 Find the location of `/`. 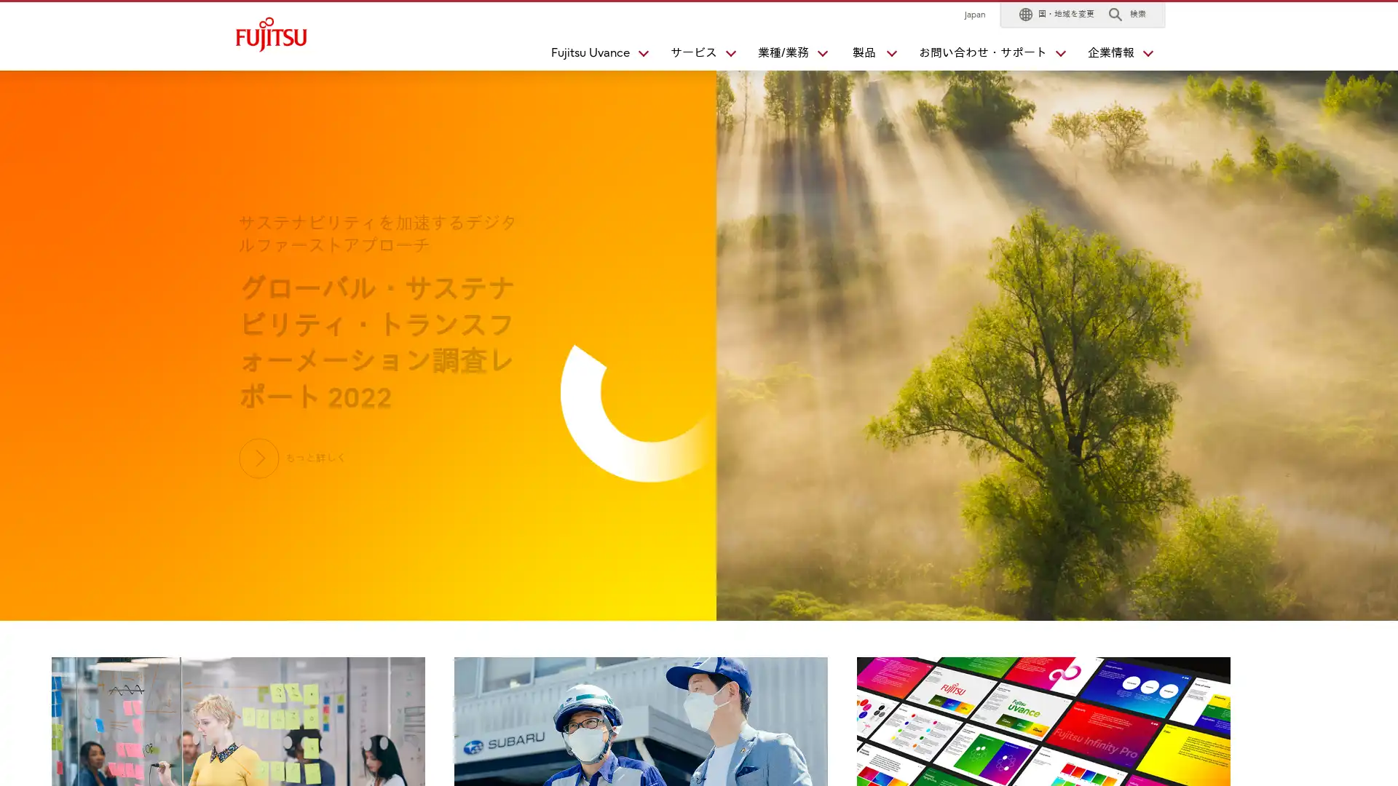

/ is located at coordinates (786, 55).